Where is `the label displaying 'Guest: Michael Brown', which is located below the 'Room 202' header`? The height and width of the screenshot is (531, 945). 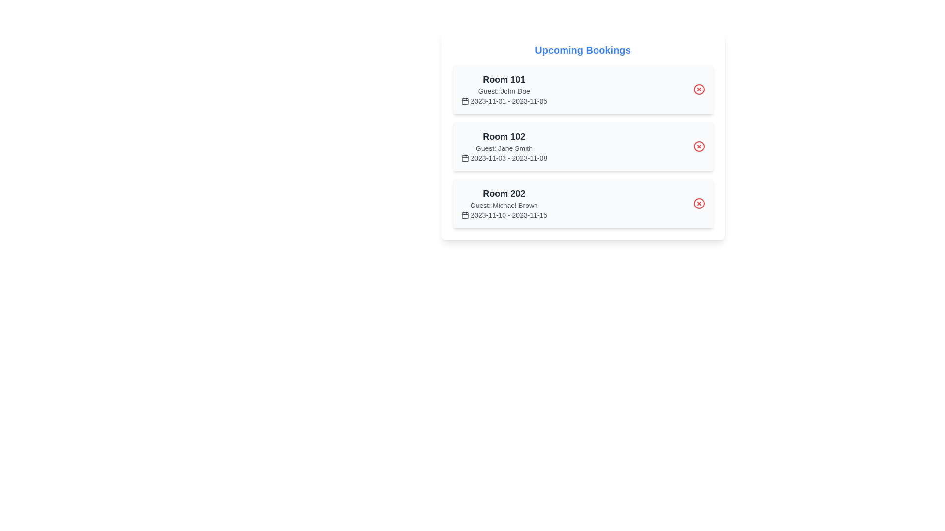 the label displaying 'Guest: Michael Brown', which is located below the 'Room 202' header is located at coordinates (504, 205).